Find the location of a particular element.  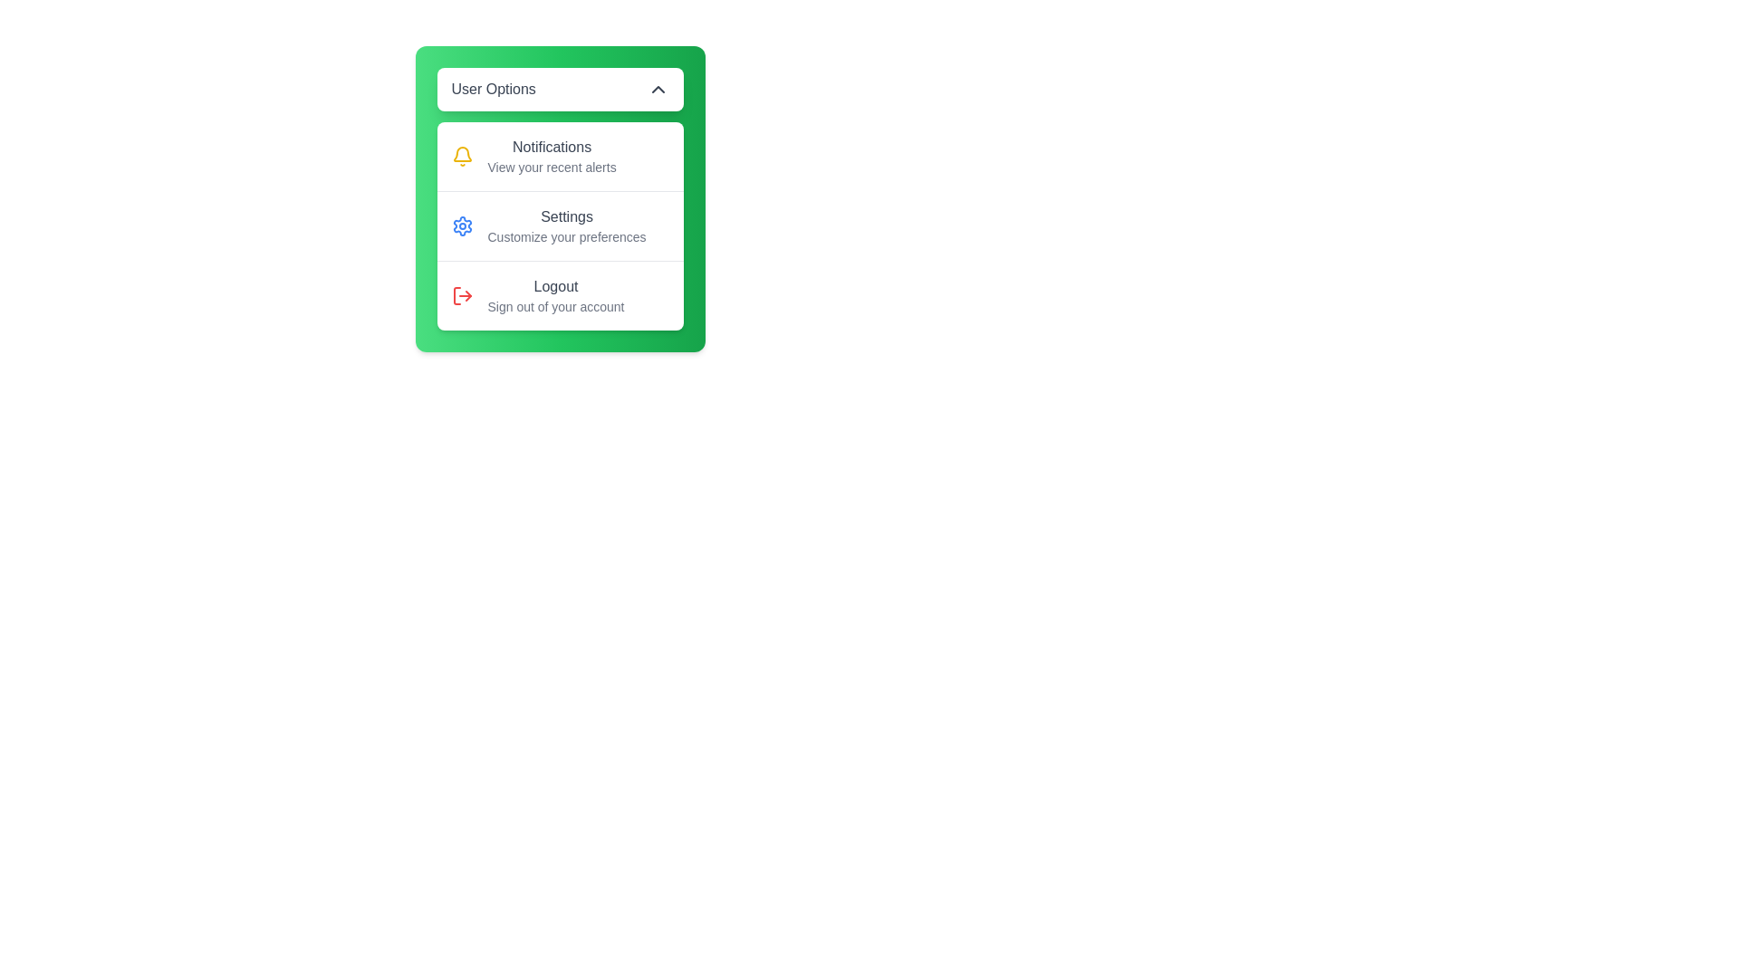

the arrow symbol representing the logout option in the user options dropdown menu, located to the left of the 'Logout' label text is located at coordinates (468, 295).